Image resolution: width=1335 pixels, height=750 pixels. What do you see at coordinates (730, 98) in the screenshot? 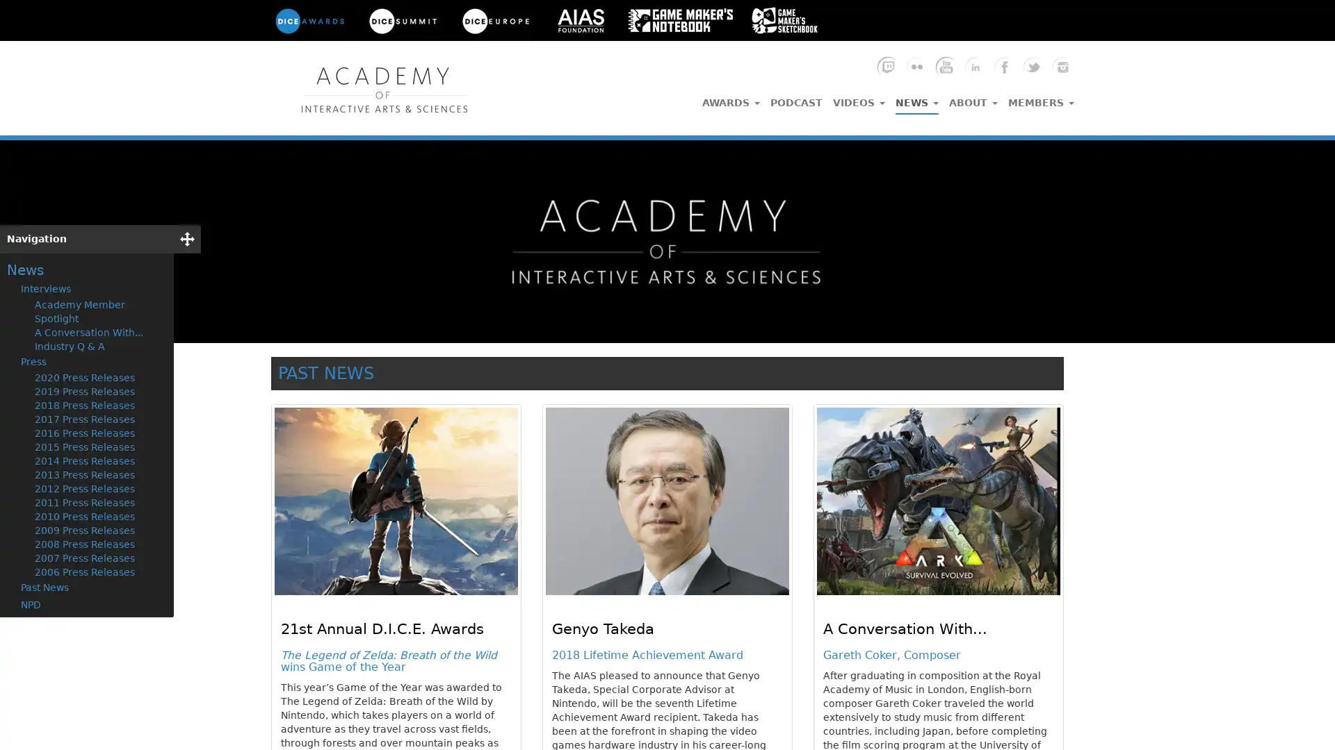
I see `AWARDS` at bounding box center [730, 98].